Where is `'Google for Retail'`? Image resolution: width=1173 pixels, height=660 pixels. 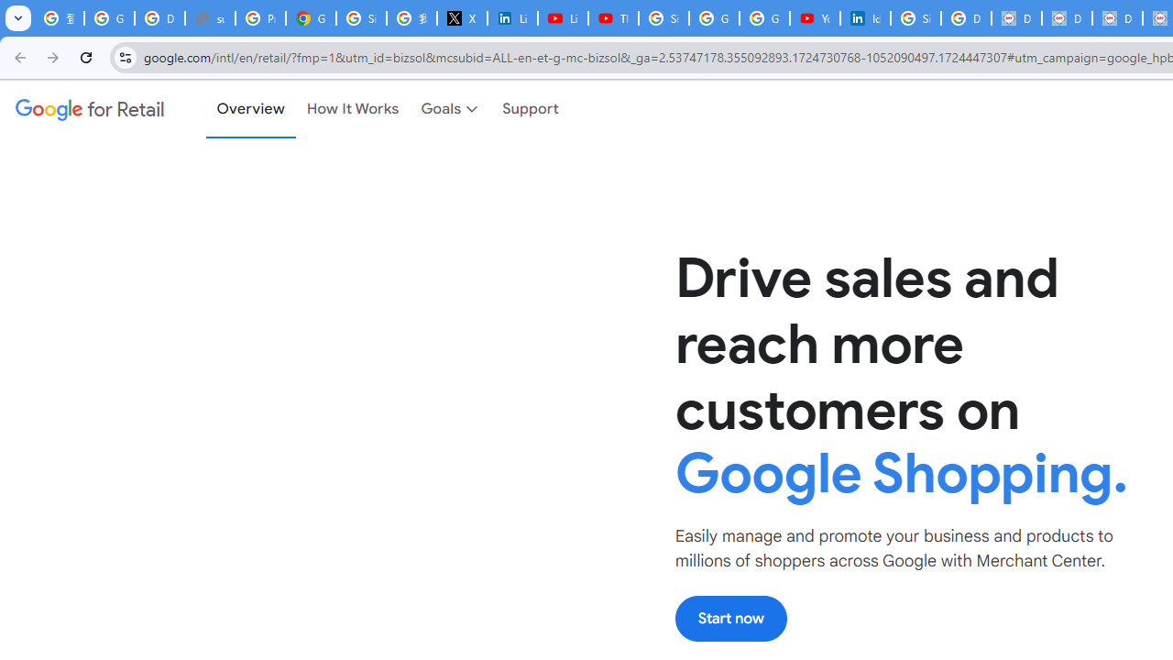 'Google for Retail' is located at coordinates (89, 109).